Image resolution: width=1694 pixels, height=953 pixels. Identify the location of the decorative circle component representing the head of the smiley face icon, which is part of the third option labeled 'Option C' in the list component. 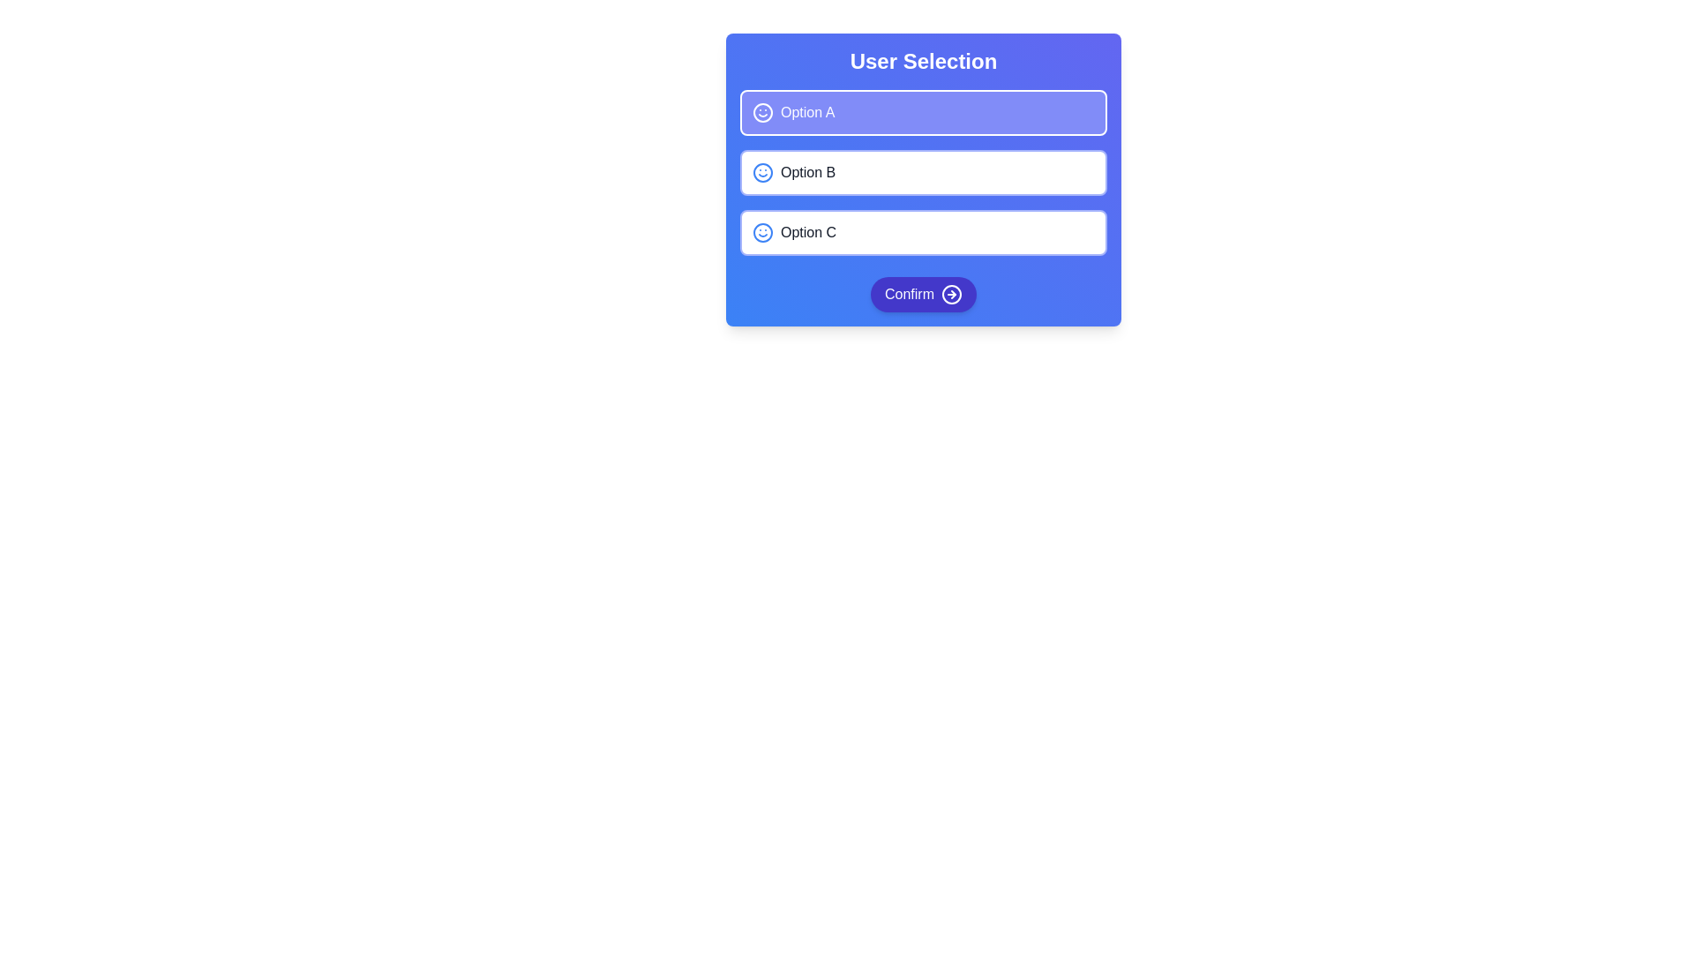
(762, 231).